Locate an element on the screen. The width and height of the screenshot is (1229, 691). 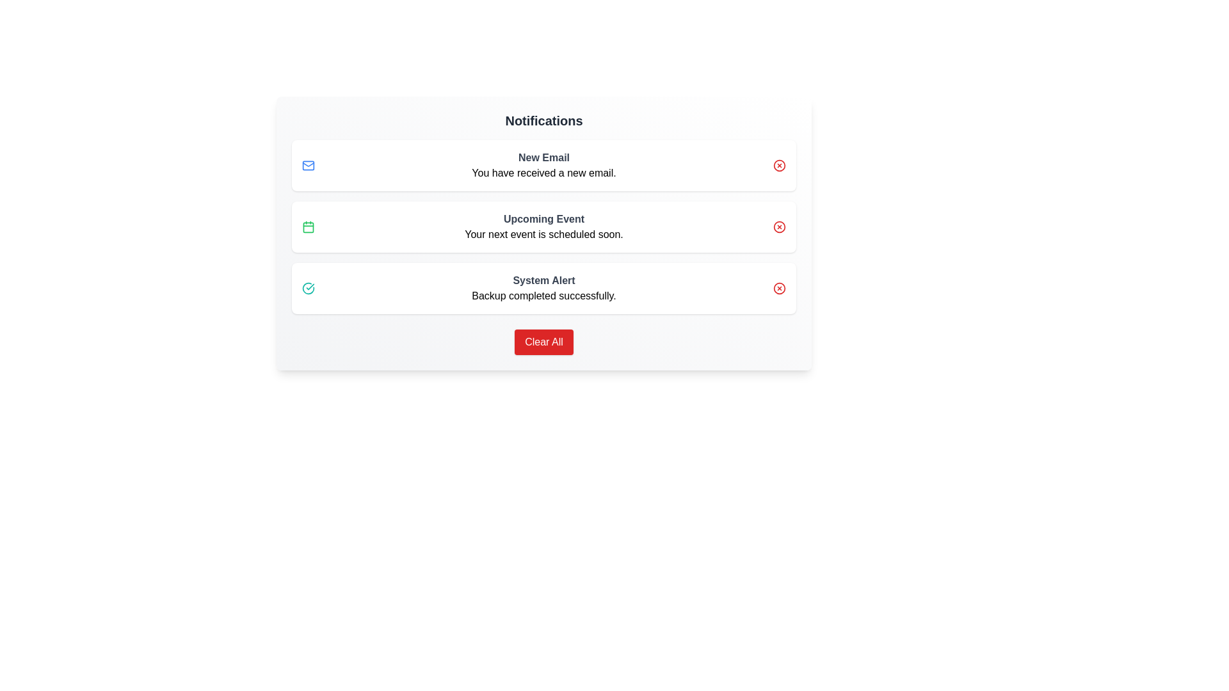
the text block notification that informs users about the completed system backup operation, located in the third card of the visible notification list is located at coordinates (543, 289).